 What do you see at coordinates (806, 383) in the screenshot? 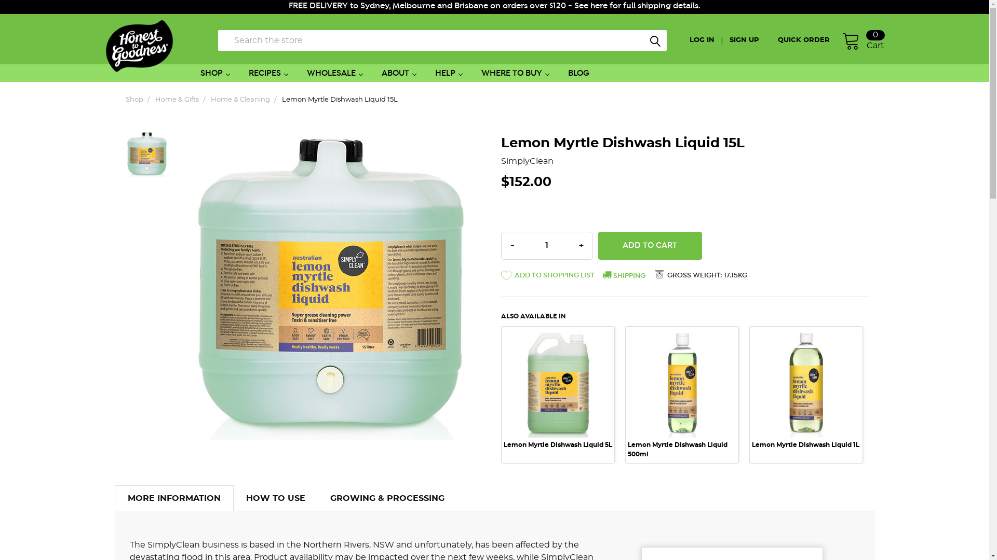
I see `'Lemon Myrtle Dishwash Liquid 1L 1'` at bounding box center [806, 383].